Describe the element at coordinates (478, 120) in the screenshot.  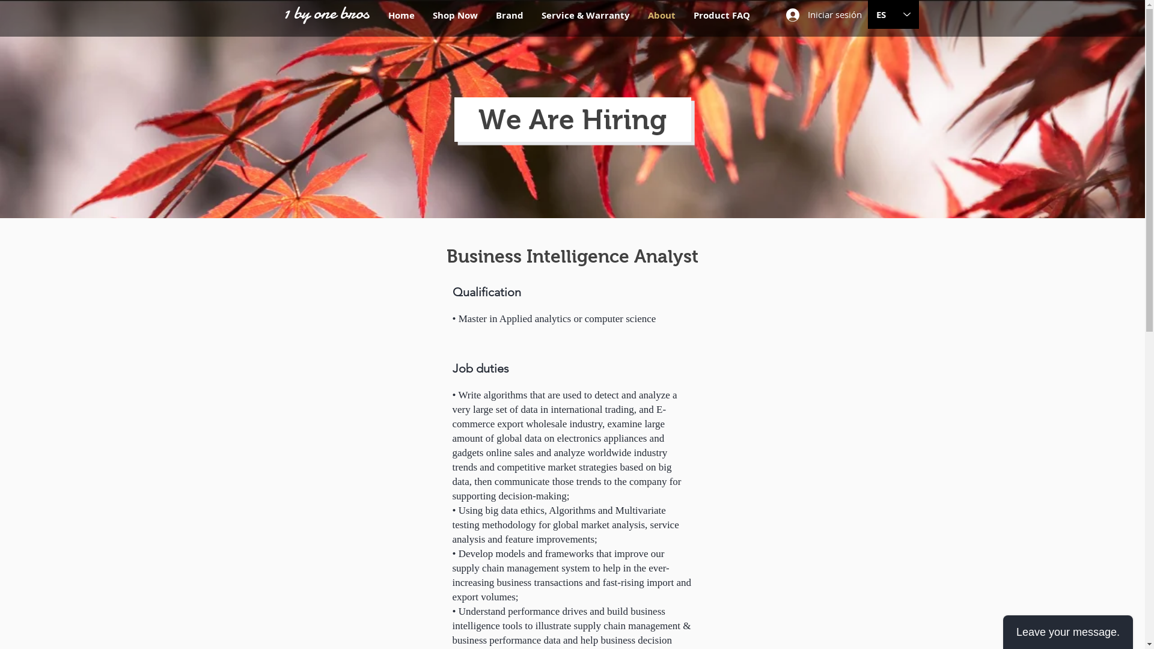
I see `'We Are Hiring'` at that location.